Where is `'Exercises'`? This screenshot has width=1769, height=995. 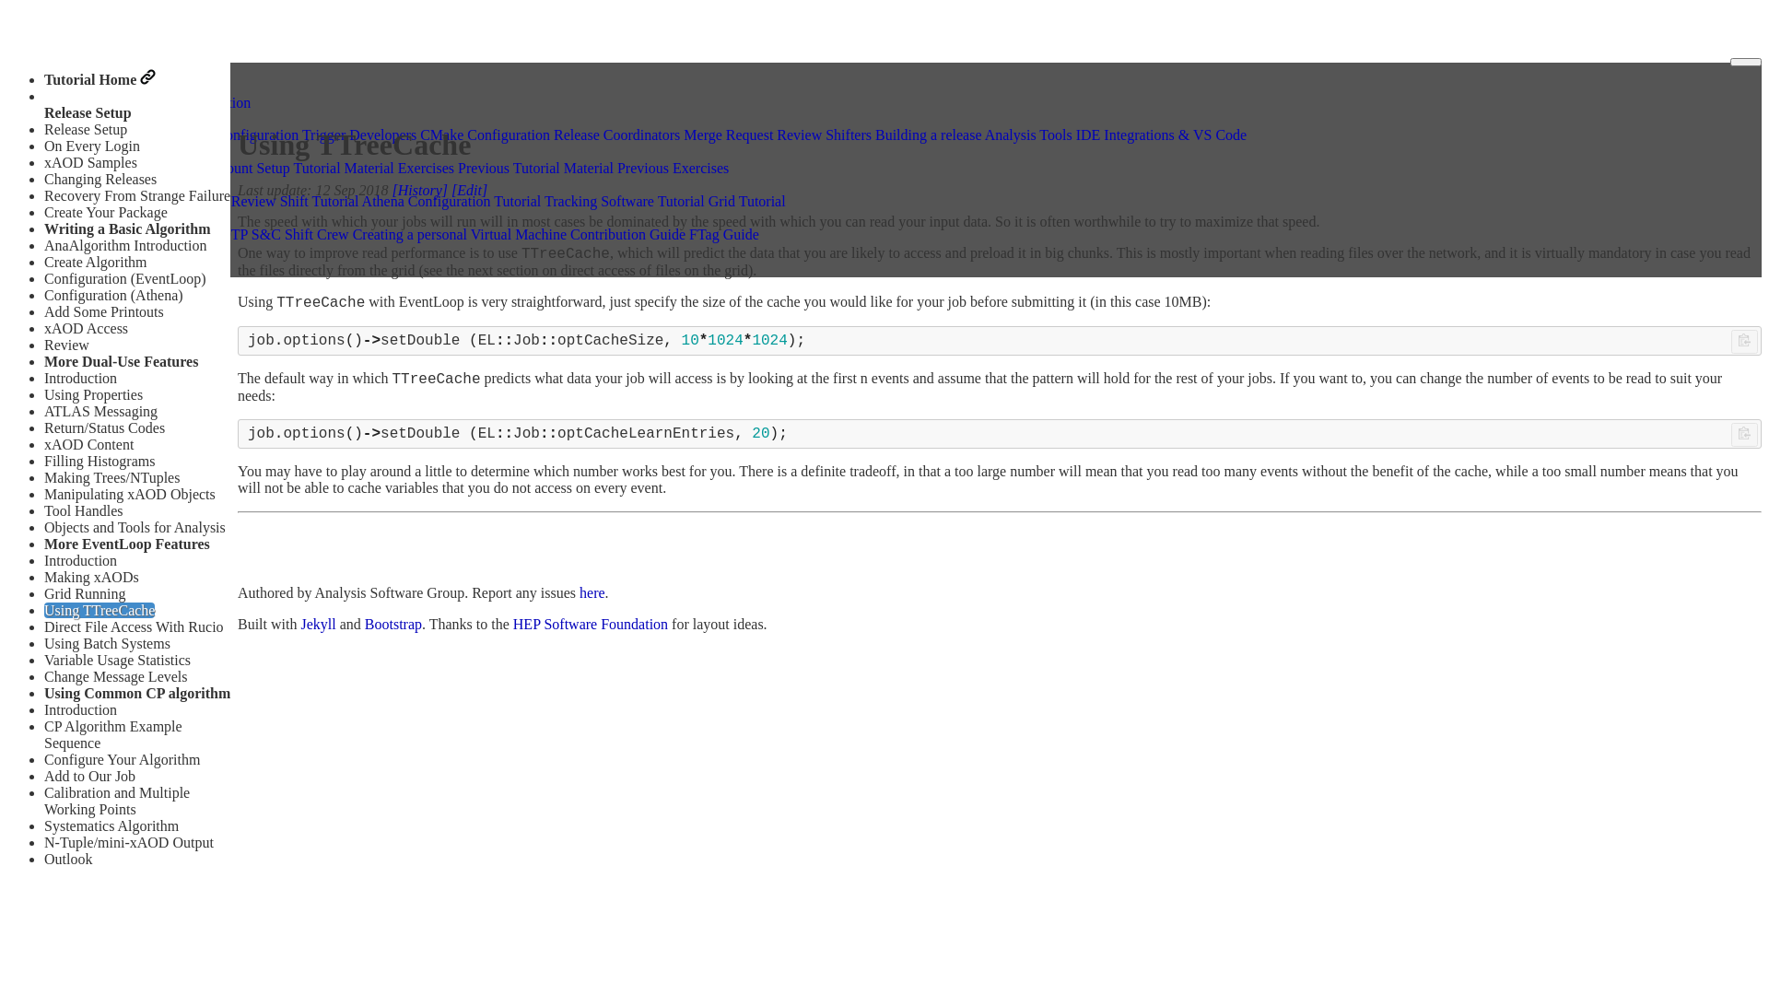 'Exercises' is located at coordinates (425, 168).